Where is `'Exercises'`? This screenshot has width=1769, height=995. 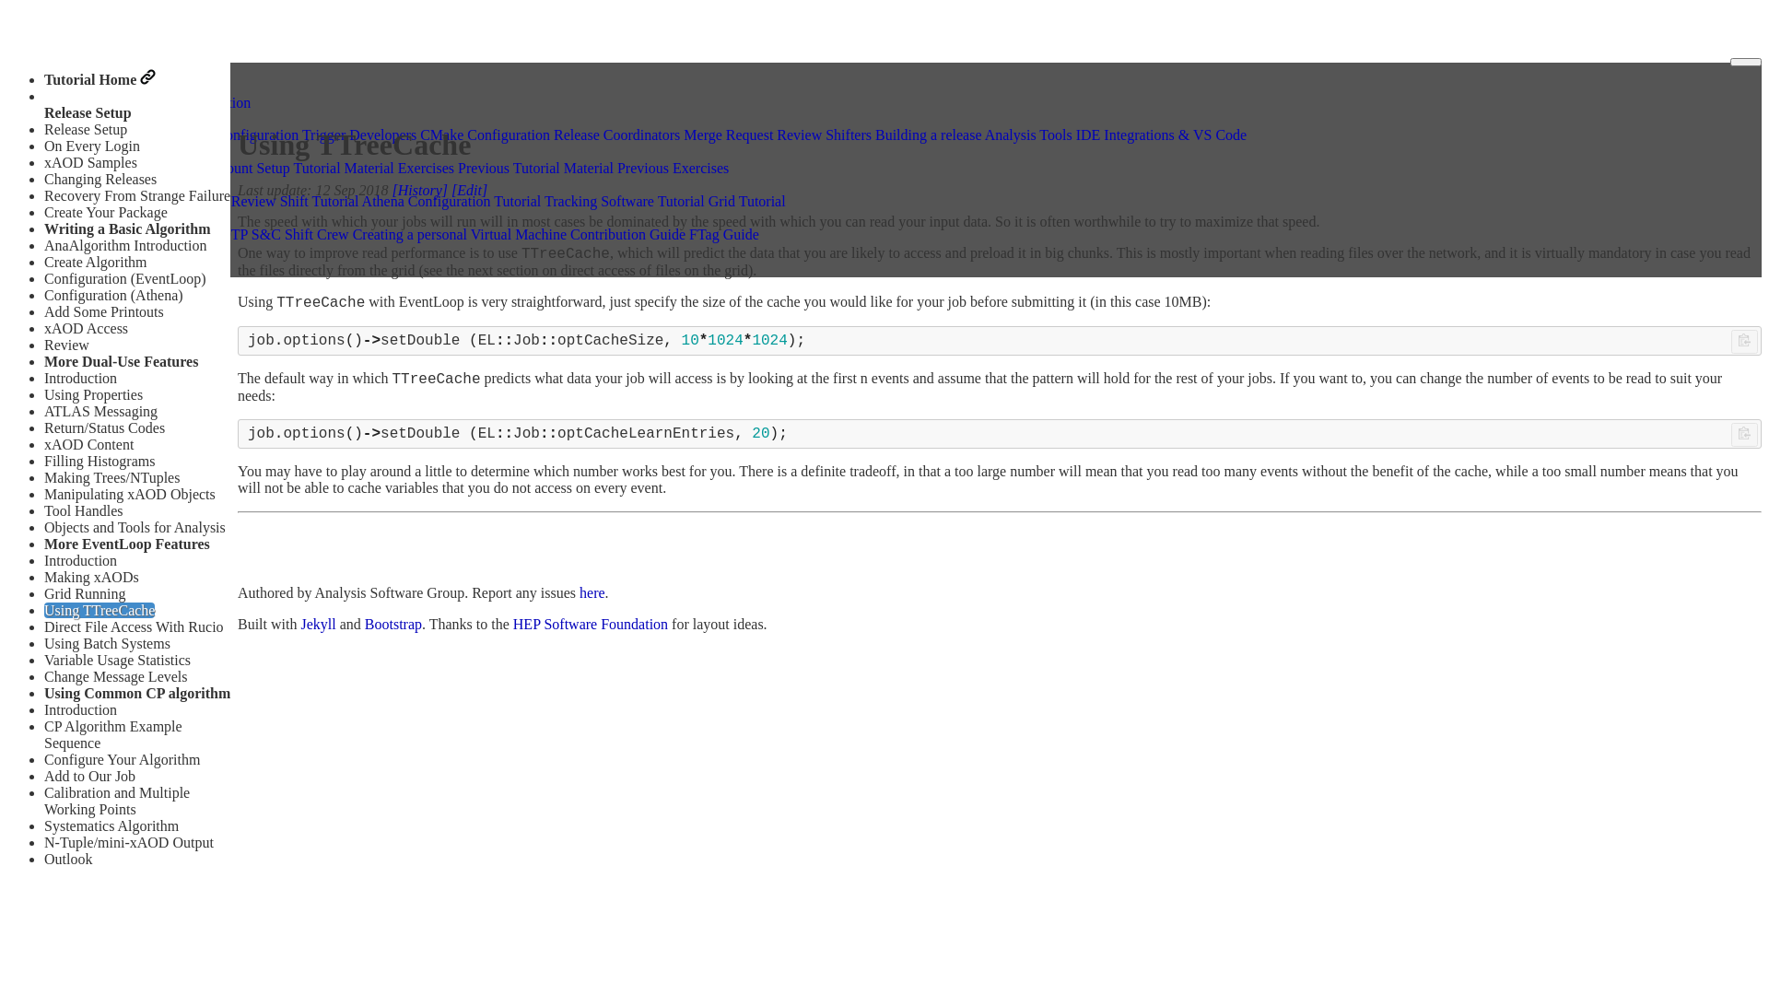 'Exercises' is located at coordinates (425, 168).